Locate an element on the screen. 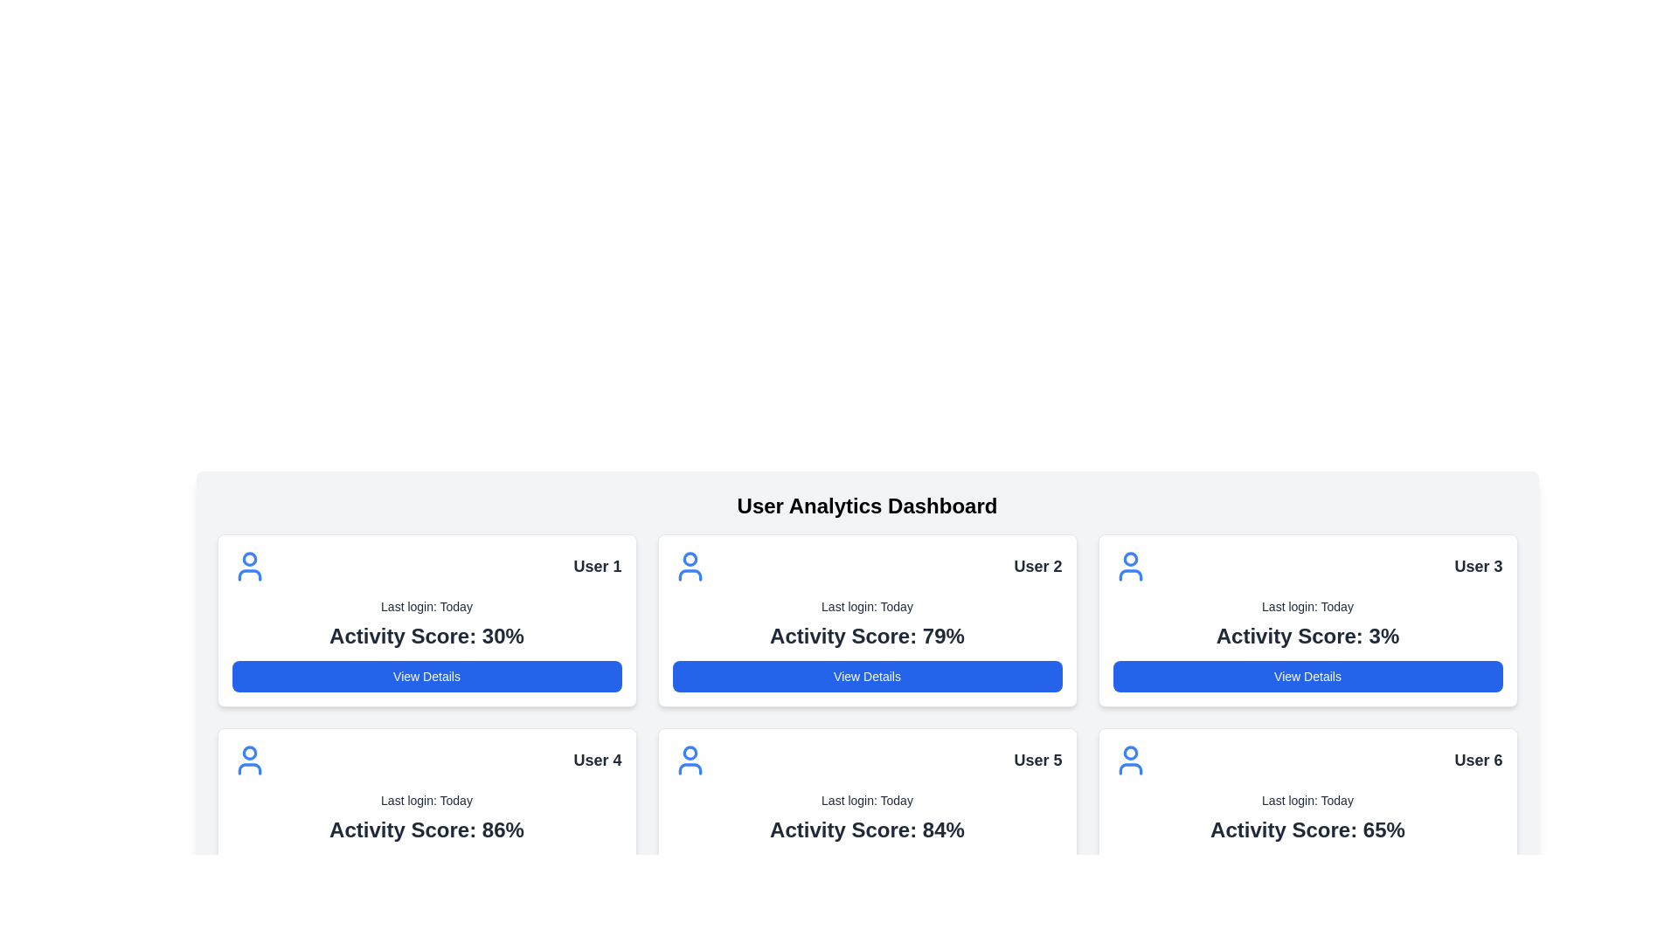 The height and width of the screenshot is (943, 1678). text content of the 'User 5' label, which is located on the bottom row, second card from the left in the user analytics dashboard is located at coordinates (1037, 760).